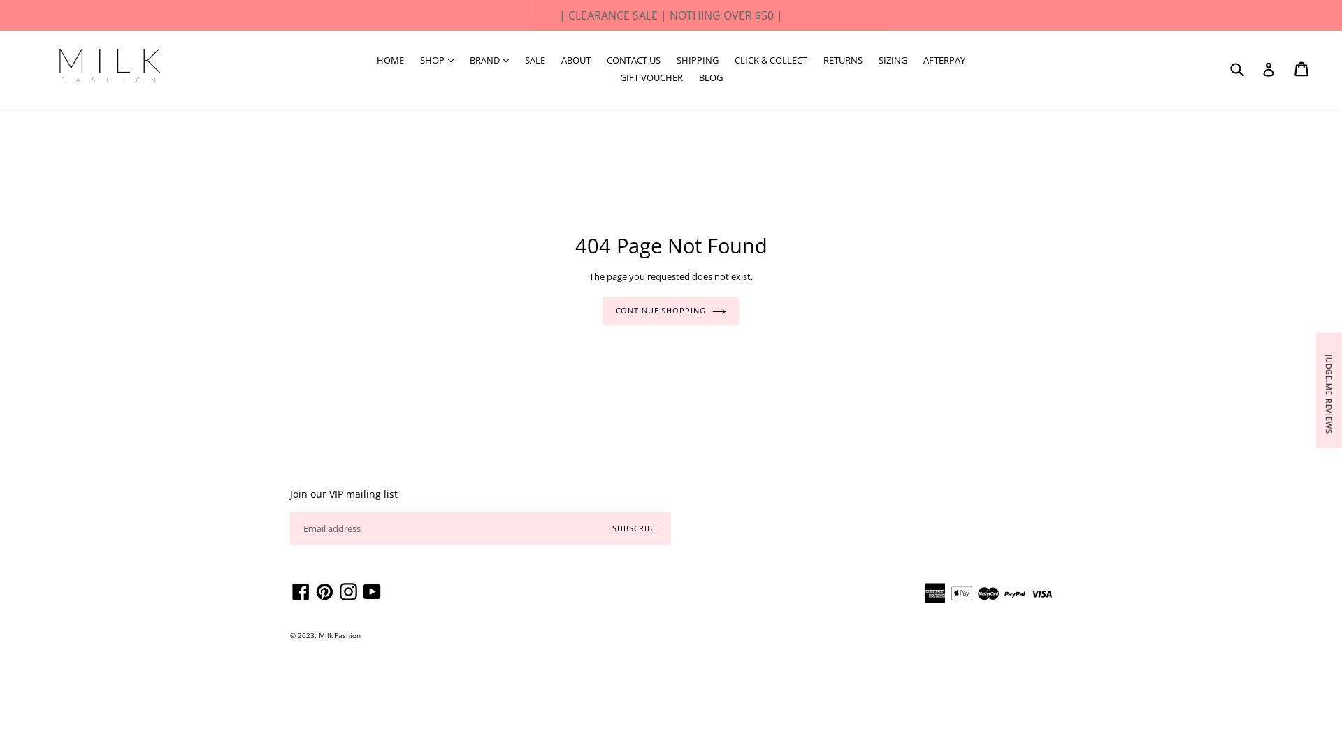 Image resolution: width=1342 pixels, height=754 pixels. What do you see at coordinates (711, 77) in the screenshot?
I see `'BLOG'` at bounding box center [711, 77].